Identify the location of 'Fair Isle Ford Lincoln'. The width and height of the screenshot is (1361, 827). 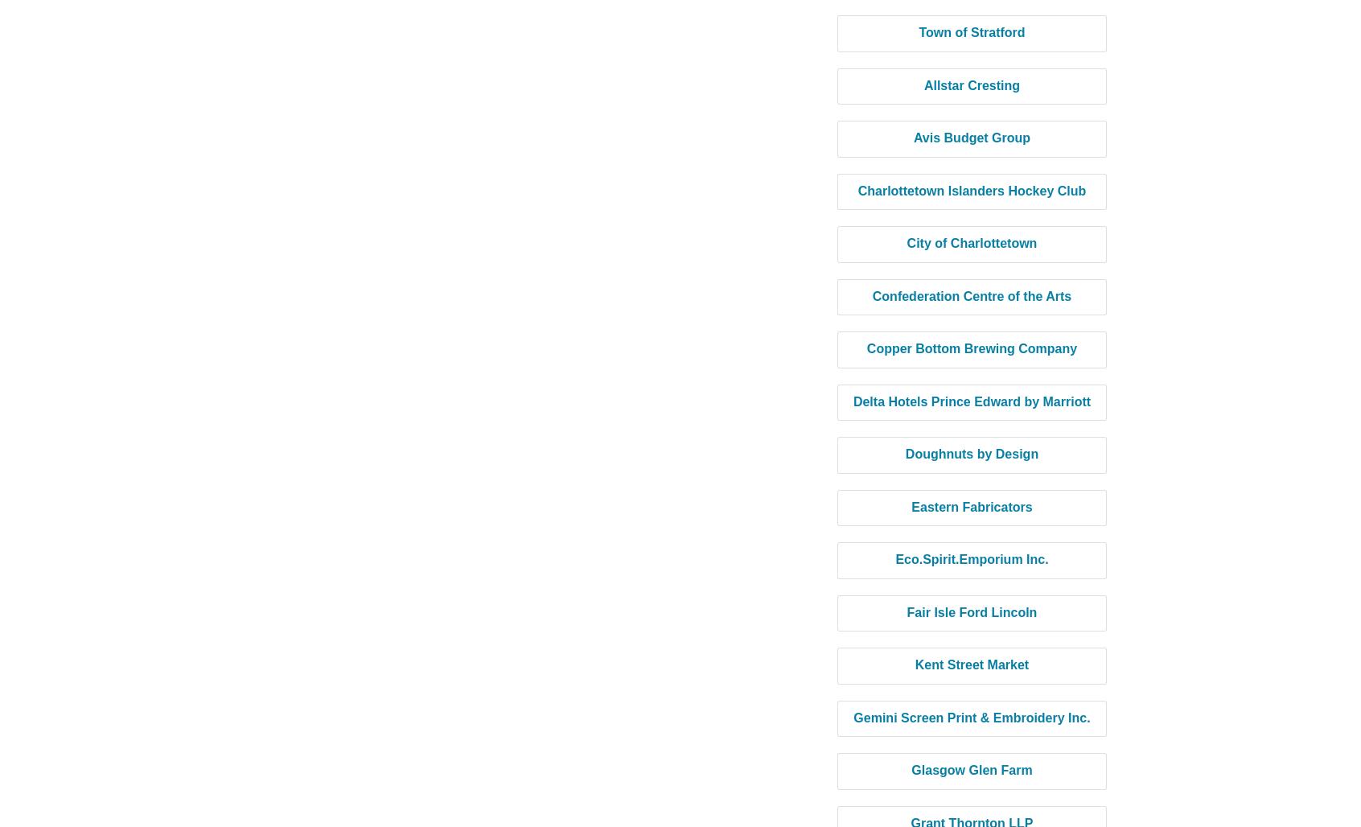
(907, 611).